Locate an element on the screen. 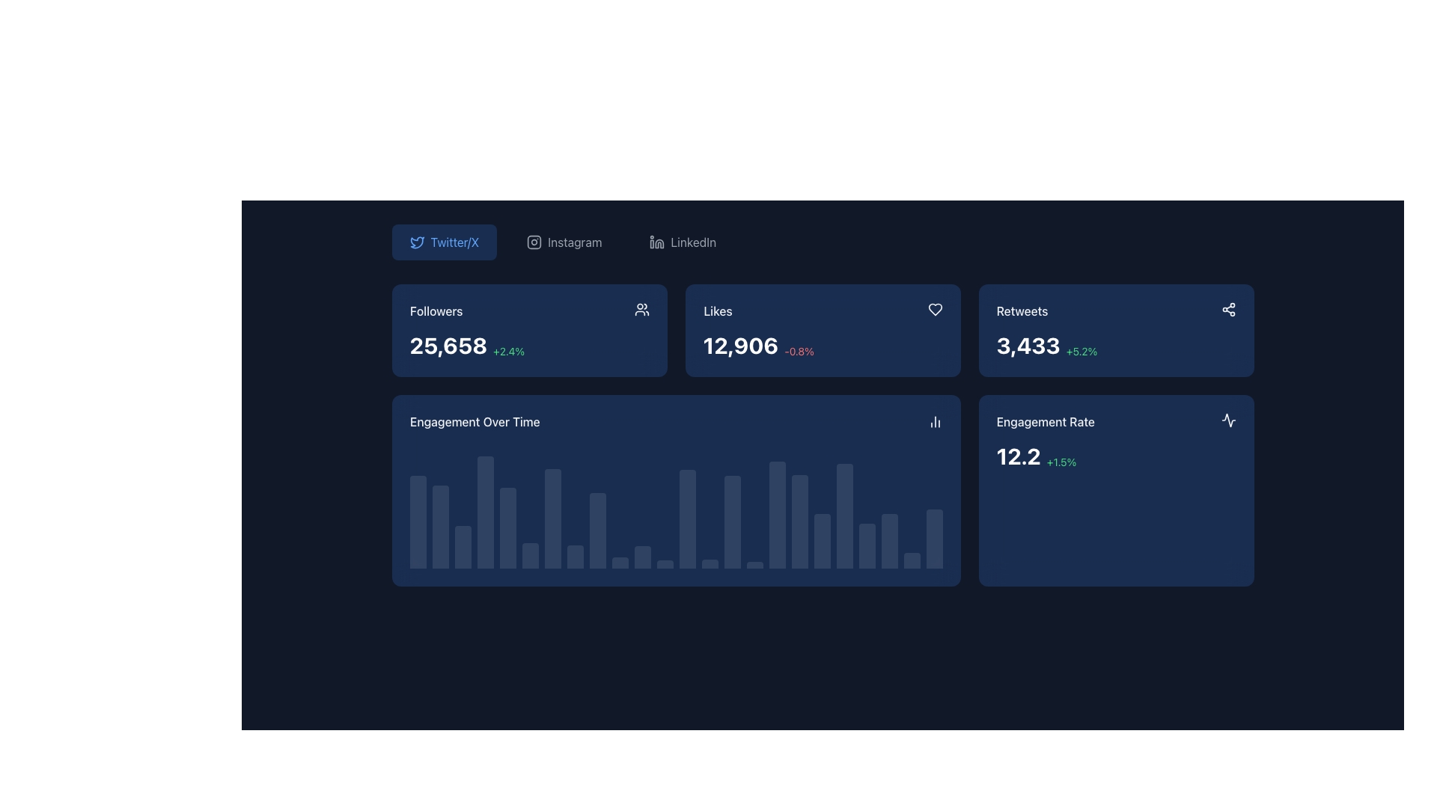 This screenshot has height=808, width=1437. the static text element indicating the percentage change in 'Likes', which is rendered in red and positioned below the card title within the 'Likes' information card is located at coordinates (796, 352).